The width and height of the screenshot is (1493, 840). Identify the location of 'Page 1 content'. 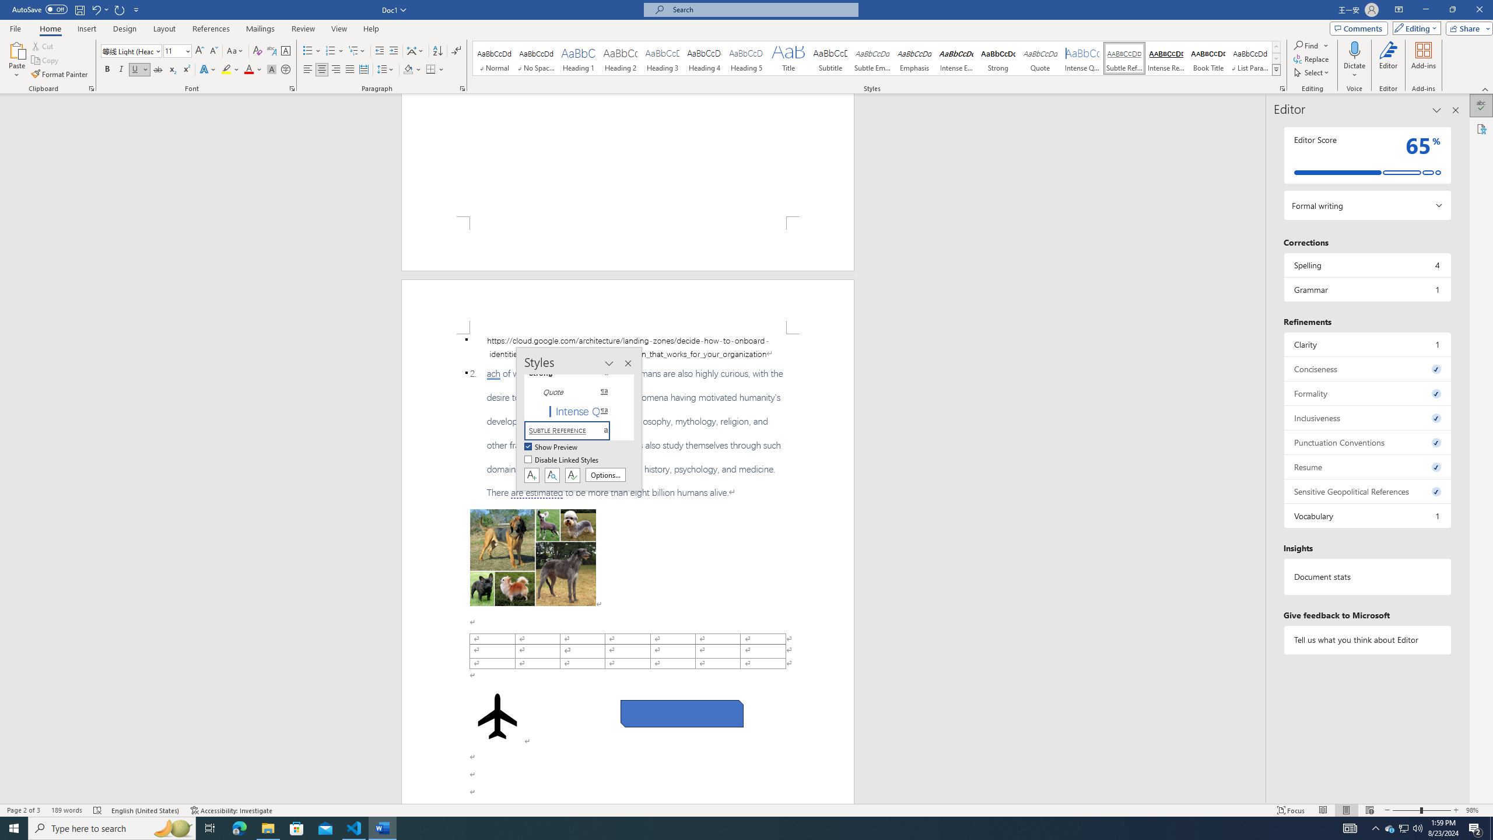
(628, 155).